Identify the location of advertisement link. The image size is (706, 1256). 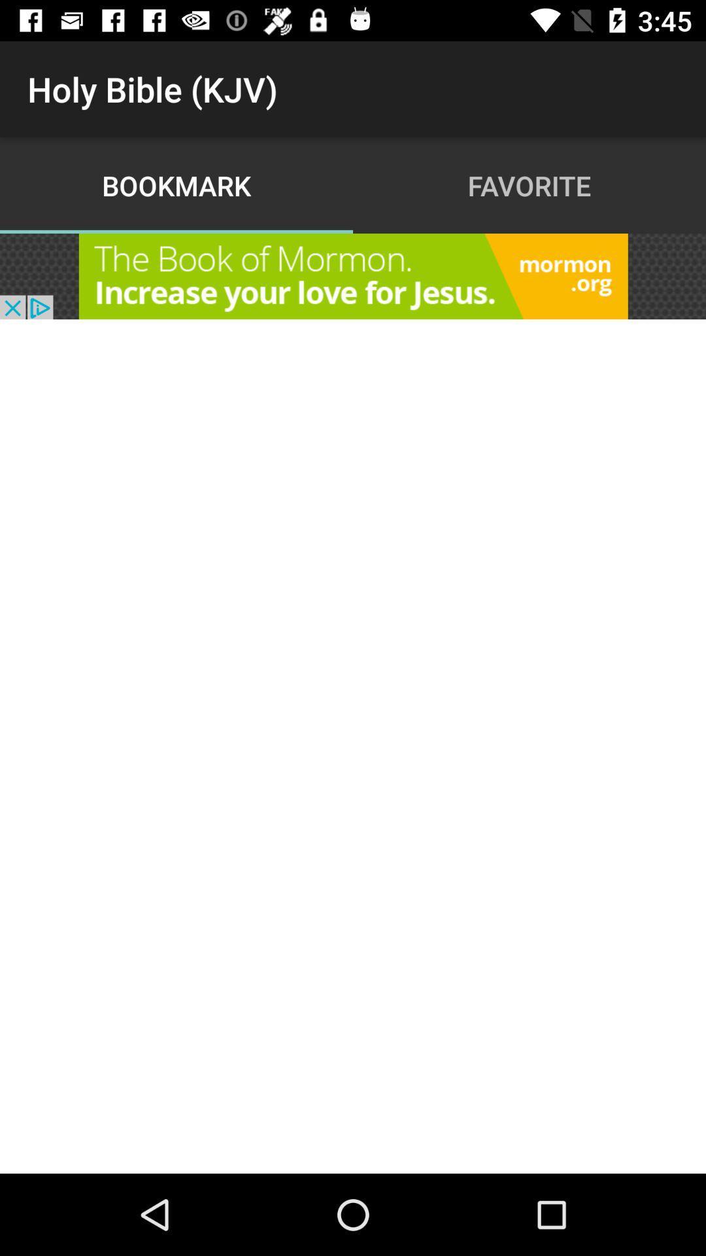
(353, 275).